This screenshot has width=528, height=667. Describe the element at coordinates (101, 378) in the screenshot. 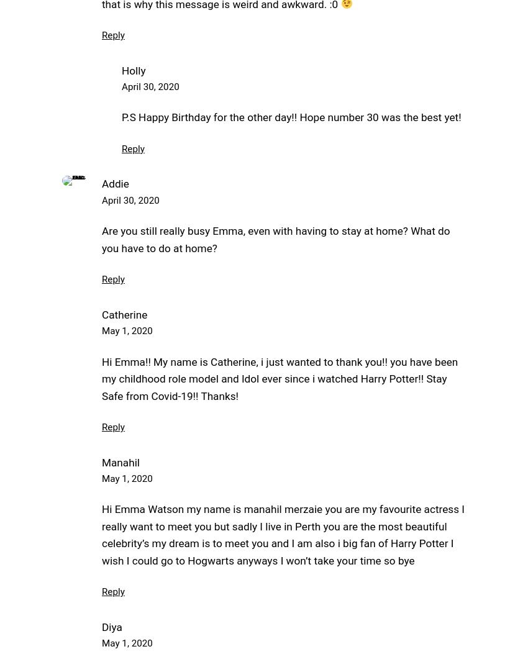

I see `'Hi Emma!! My name is Catherine, i just wanted to thank you!! you have been my childhood role model and Idol ever since i watched Harry Potter!! Stay Safe from Covid-19!! Thanks!'` at that location.